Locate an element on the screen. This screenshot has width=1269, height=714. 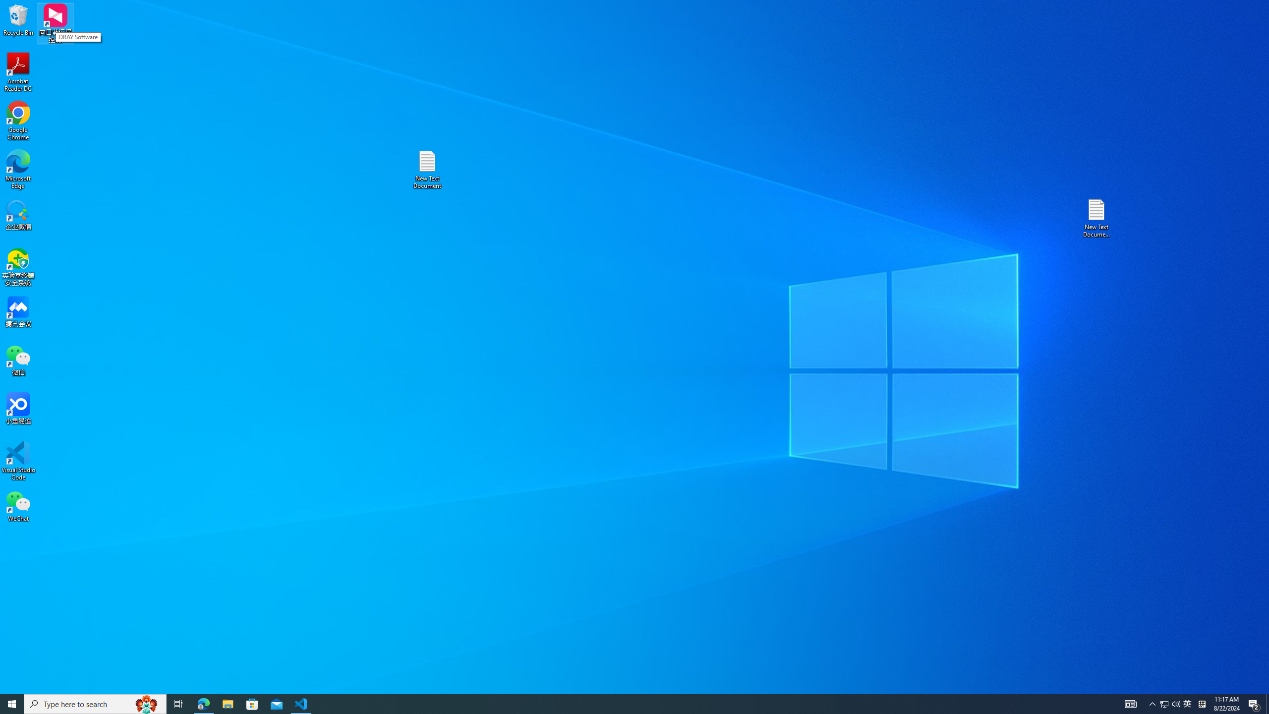
'New Text Document (2)' is located at coordinates (1097, 217).